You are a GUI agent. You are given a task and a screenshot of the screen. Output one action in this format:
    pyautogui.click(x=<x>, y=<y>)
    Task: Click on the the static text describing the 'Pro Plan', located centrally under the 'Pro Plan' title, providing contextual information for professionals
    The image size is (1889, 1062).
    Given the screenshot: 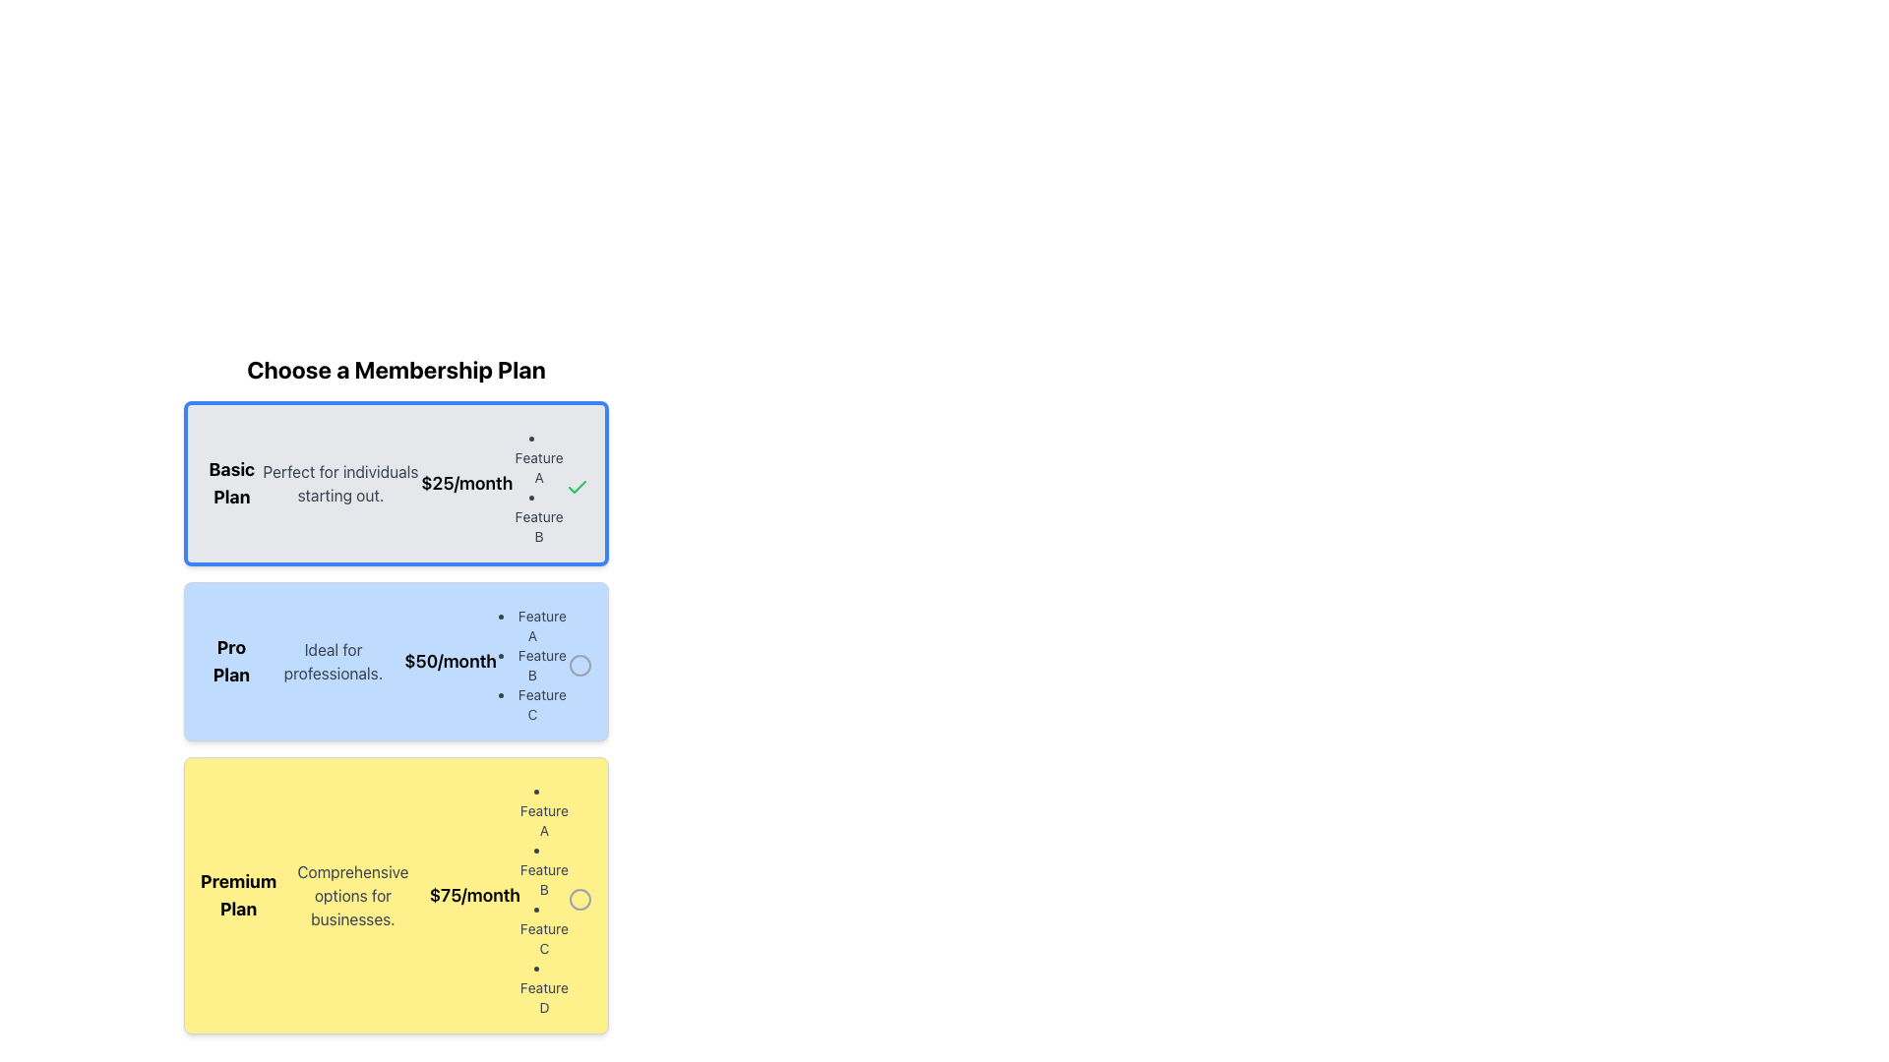 What is the action you would take?
    pyautogui.click(x=333, y=661)
    